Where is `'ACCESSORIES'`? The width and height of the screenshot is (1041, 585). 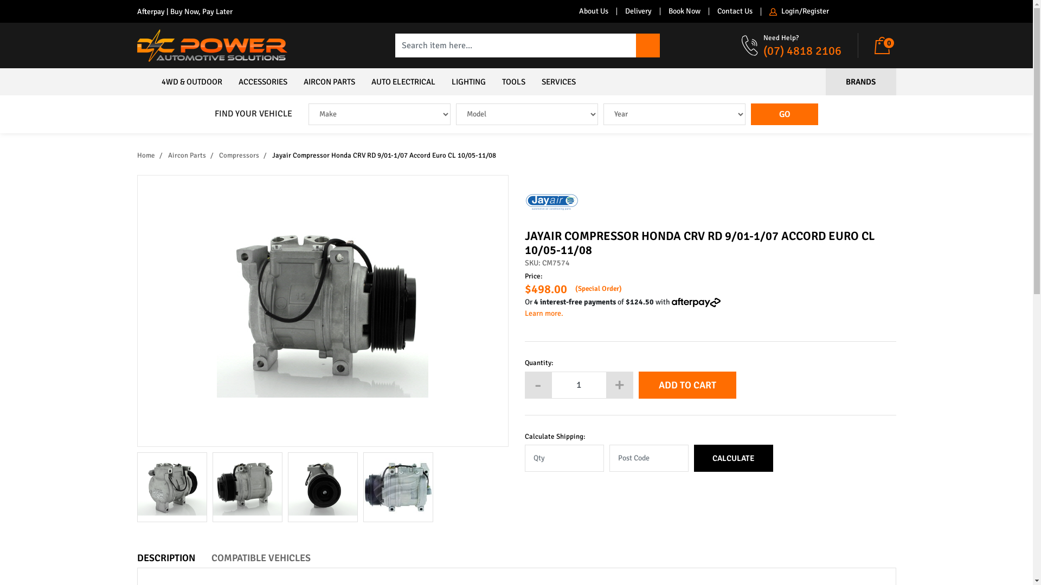
'ACCESSORIES' is located at coordinates (262, 81).